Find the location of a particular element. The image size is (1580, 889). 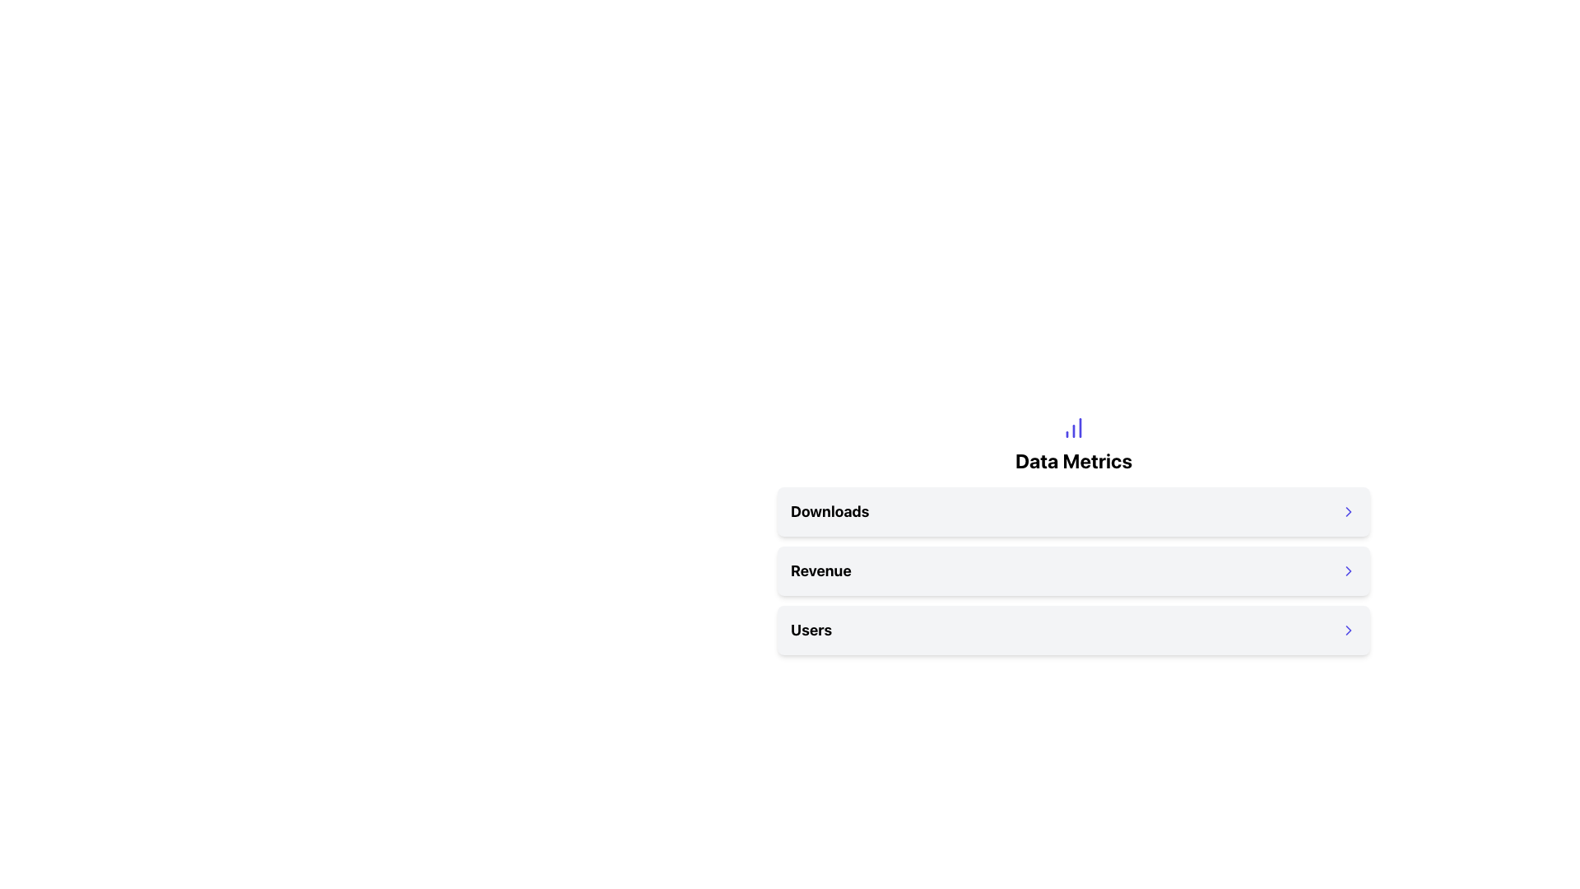

the icon located to the far right of the 'Users' row in the 'Data Metrics' section is located at coordinates (1348, 630).